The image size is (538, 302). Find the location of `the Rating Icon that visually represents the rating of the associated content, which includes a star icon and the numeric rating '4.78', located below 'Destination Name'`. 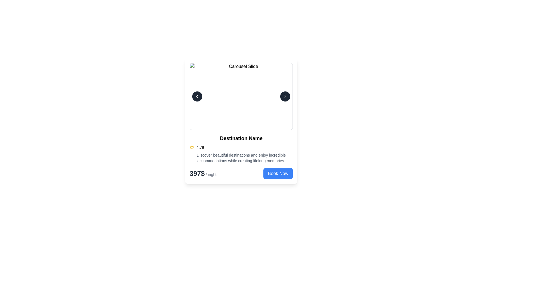

the Rating Icon that visually represents the rating of the associated content, which includes a star icon and the numeric rating '4.78', located below 'Destination Name' is located at coordinates (192, 147).